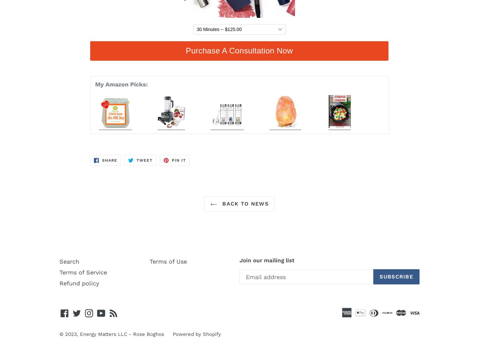 This screenshot has height=356, width=479. What do you see at coordinates (95, 84) in the screenshot?
I see `'My Amazon Picks:'` at bounding box center [95, 84].